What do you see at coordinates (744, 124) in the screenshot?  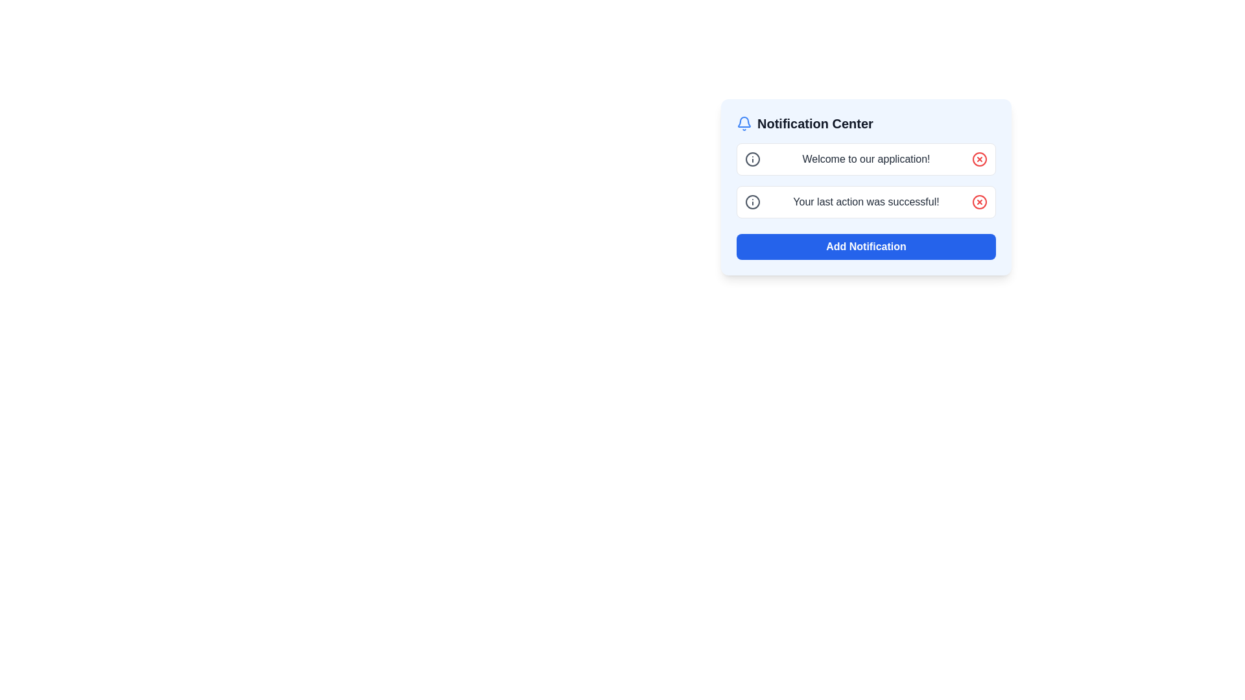 I see `the bell icon that indicates notifications, located at the top-left corner of the 'Notification Center' section` at bounding box center [744, 124].